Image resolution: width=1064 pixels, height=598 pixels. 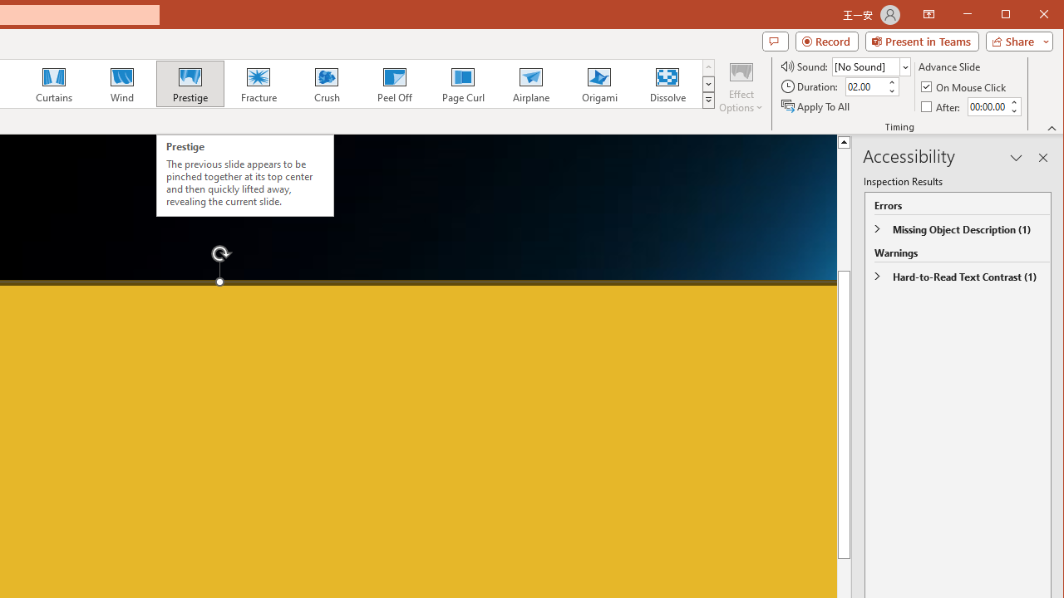 What do you see at coordinates (708, 100) in the screenshot?
I see `'Transition Effects'` at bounding box center [708, 100].